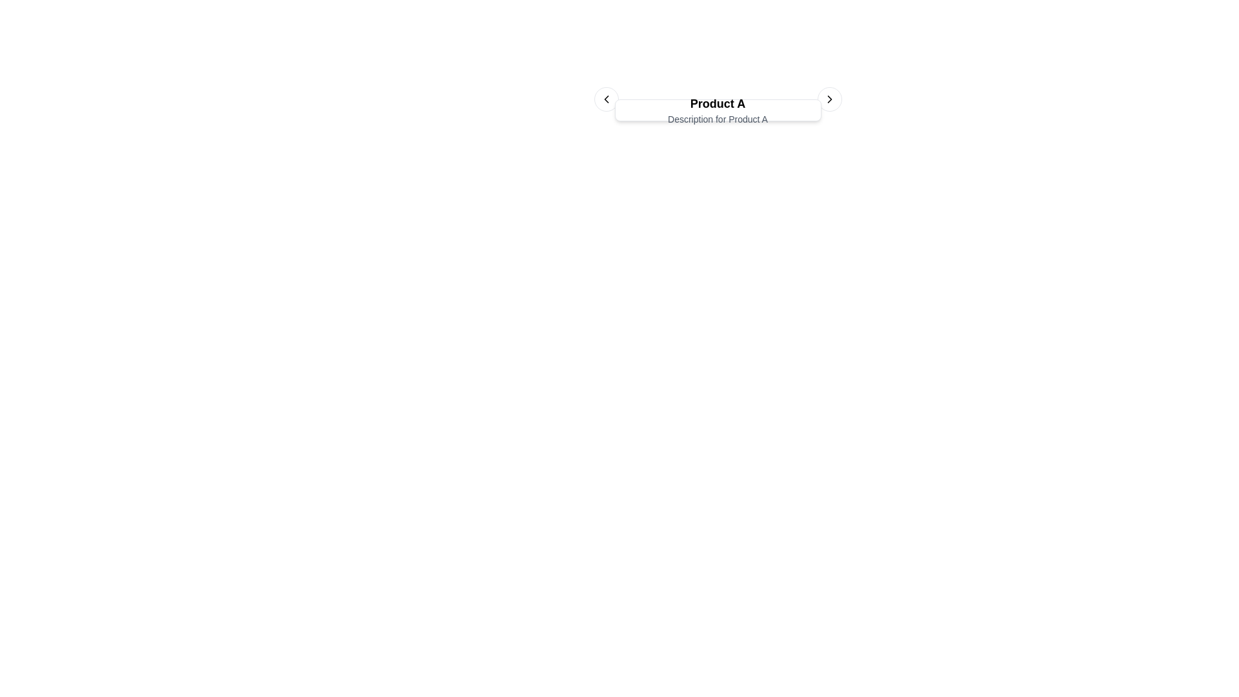  What do you see at coordinates (605, 99) in the screenshot?
I see `the leftmost navigation button to the left of the main product information section titled 'Product A'` at bounding box center [605, 99].